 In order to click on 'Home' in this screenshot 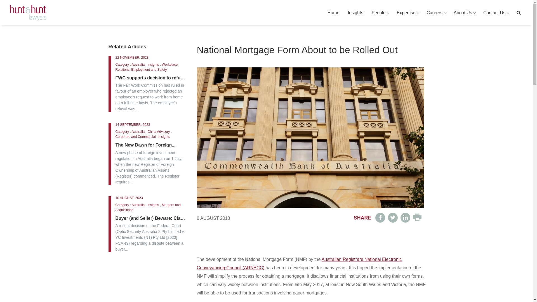, I will do `click(333, 13)`.